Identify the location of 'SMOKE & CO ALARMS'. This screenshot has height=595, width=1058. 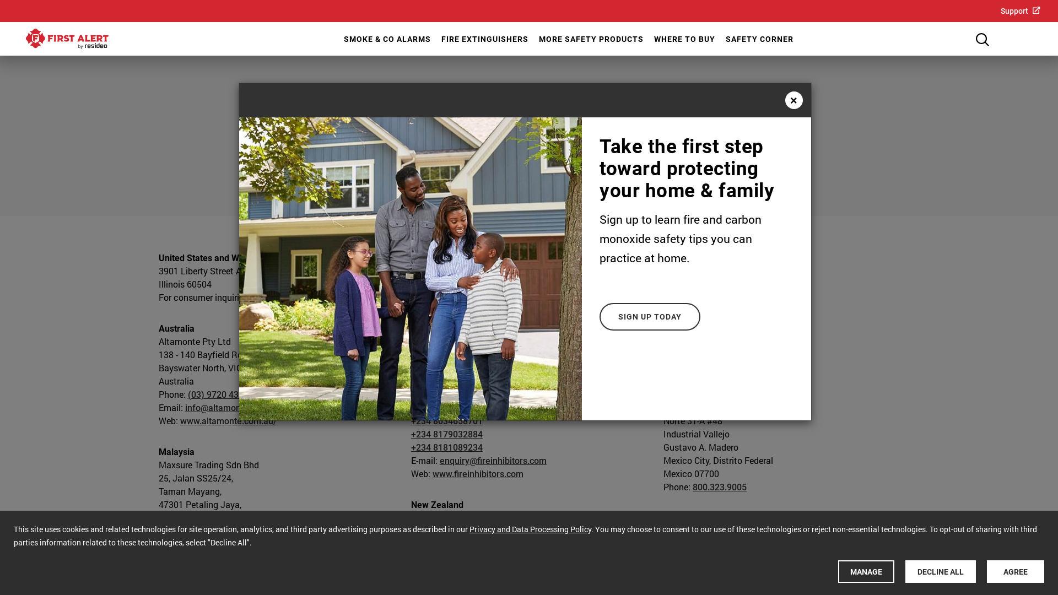
(386, 38).